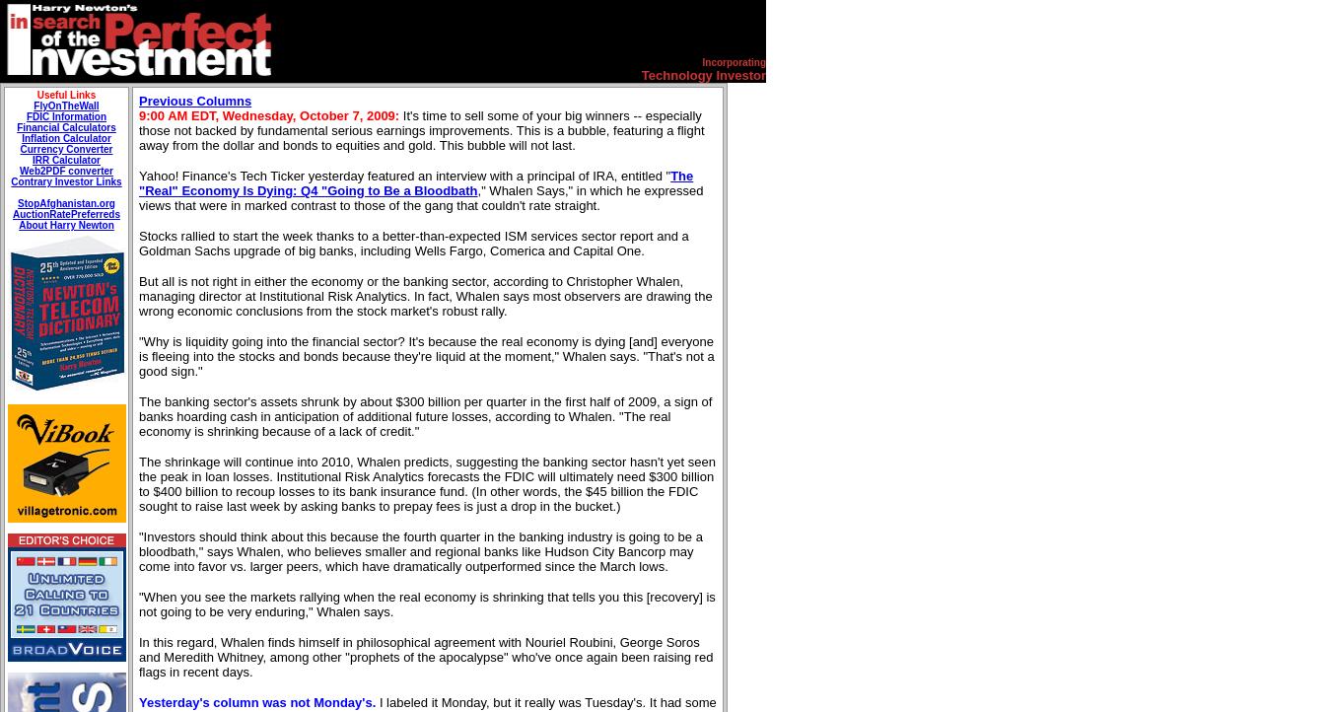 Image resolution: width=1331 pixels, height=712 pixels. I want to click on 'Useful 
                Links', so click(35, 94).